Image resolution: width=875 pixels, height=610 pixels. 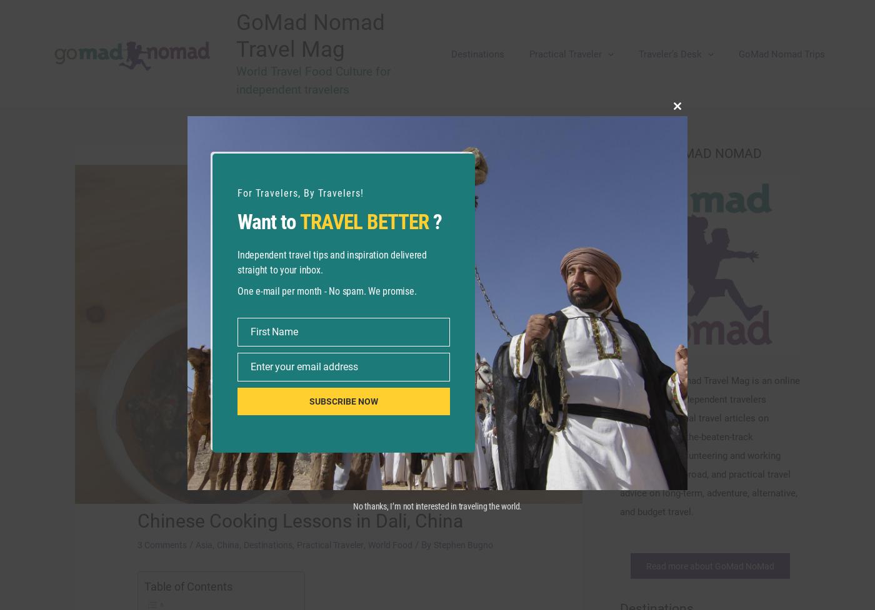 I want to click on 'Stephen Bugno', so click(x=486, y=544).